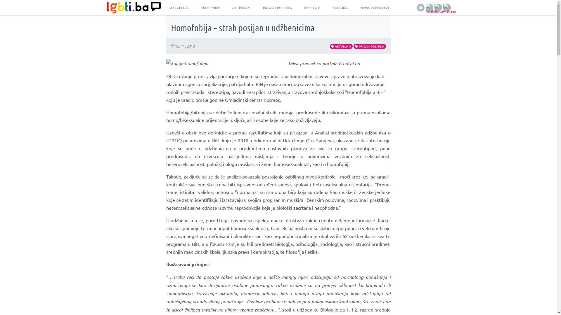 The image size is (561, 315). I want to click on 'AKTUELNO', so click(341, 46).